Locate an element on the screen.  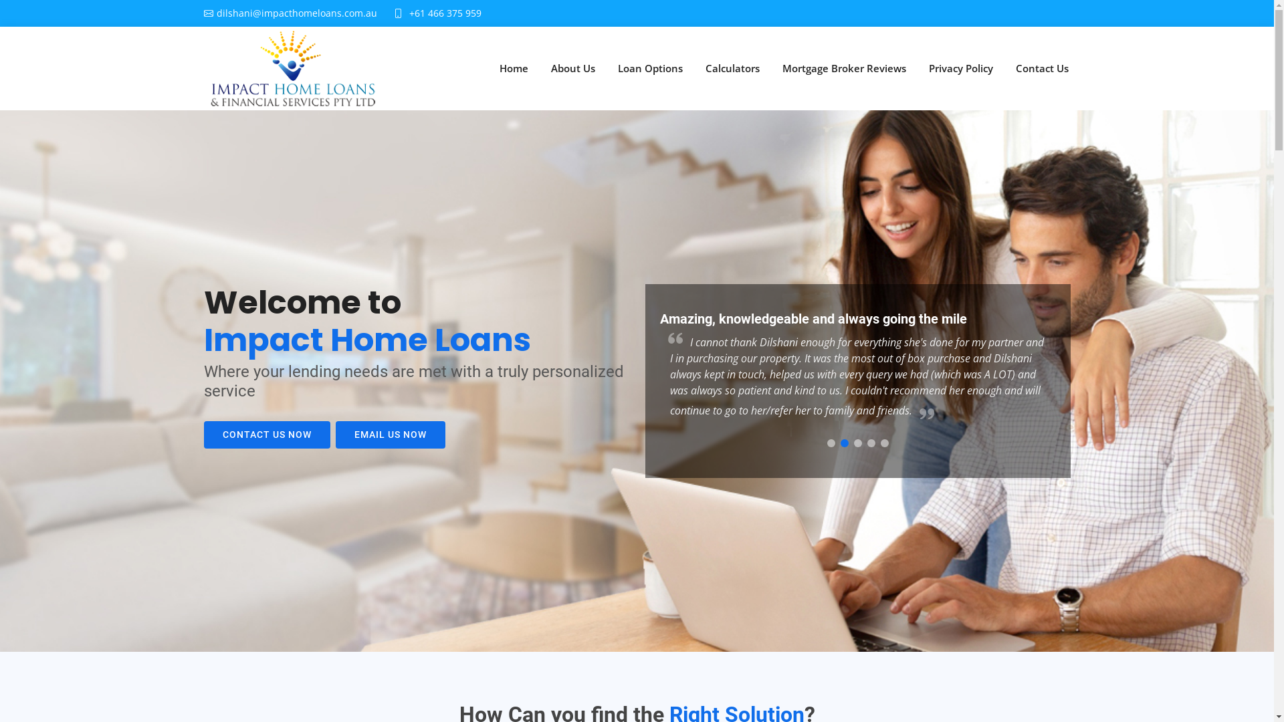
'About Us' is located at coordinates (572, 68).